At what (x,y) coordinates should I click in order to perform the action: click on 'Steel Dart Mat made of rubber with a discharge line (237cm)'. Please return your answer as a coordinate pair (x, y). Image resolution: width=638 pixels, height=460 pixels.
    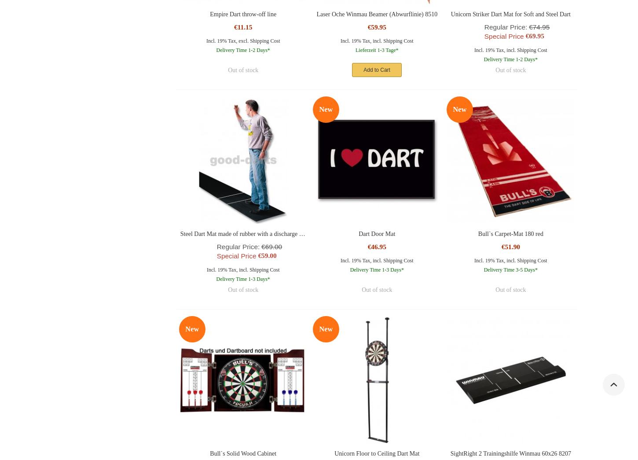
    Looking at the image, I should click on (255, 233).